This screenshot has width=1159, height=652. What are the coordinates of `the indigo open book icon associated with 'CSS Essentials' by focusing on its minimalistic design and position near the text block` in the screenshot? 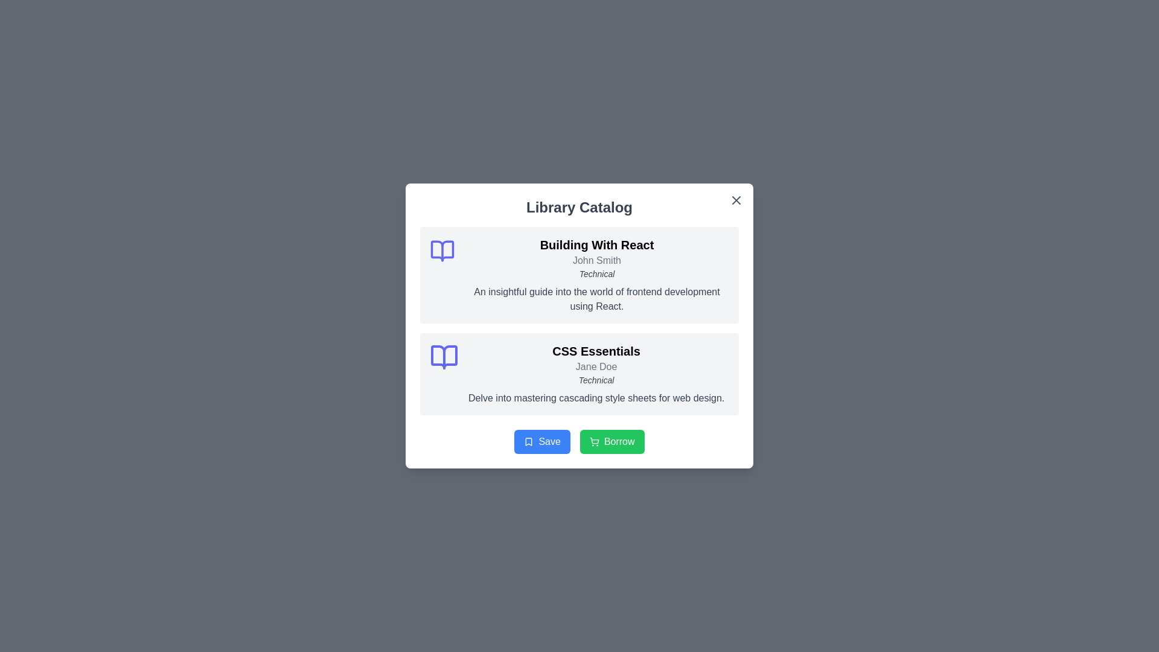 It's located at (443, 356).